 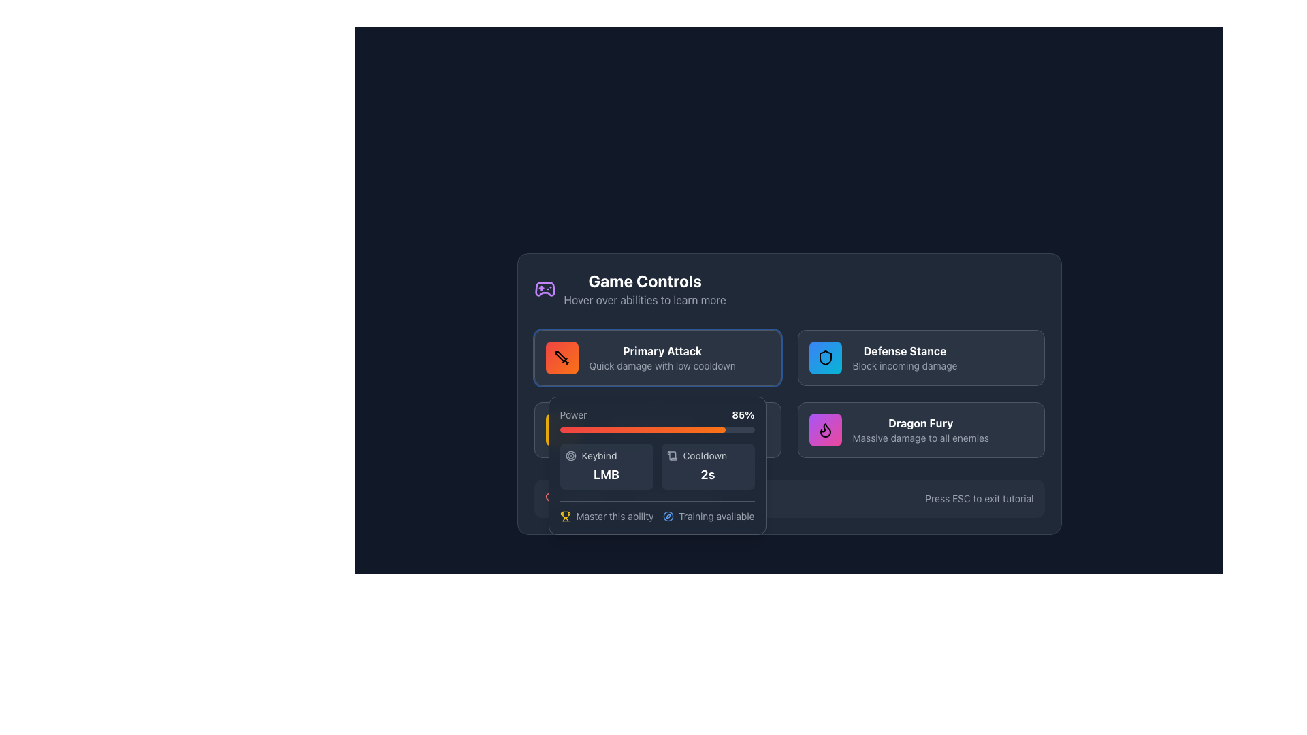 What do you see at coordinates (562, 357) in the screenshot?
I see `the sword icon located in the top-left card labeled 'Primary Attack', which is represented in a minimalist style with a sharp silhouette` at bounding box center [562, 357].